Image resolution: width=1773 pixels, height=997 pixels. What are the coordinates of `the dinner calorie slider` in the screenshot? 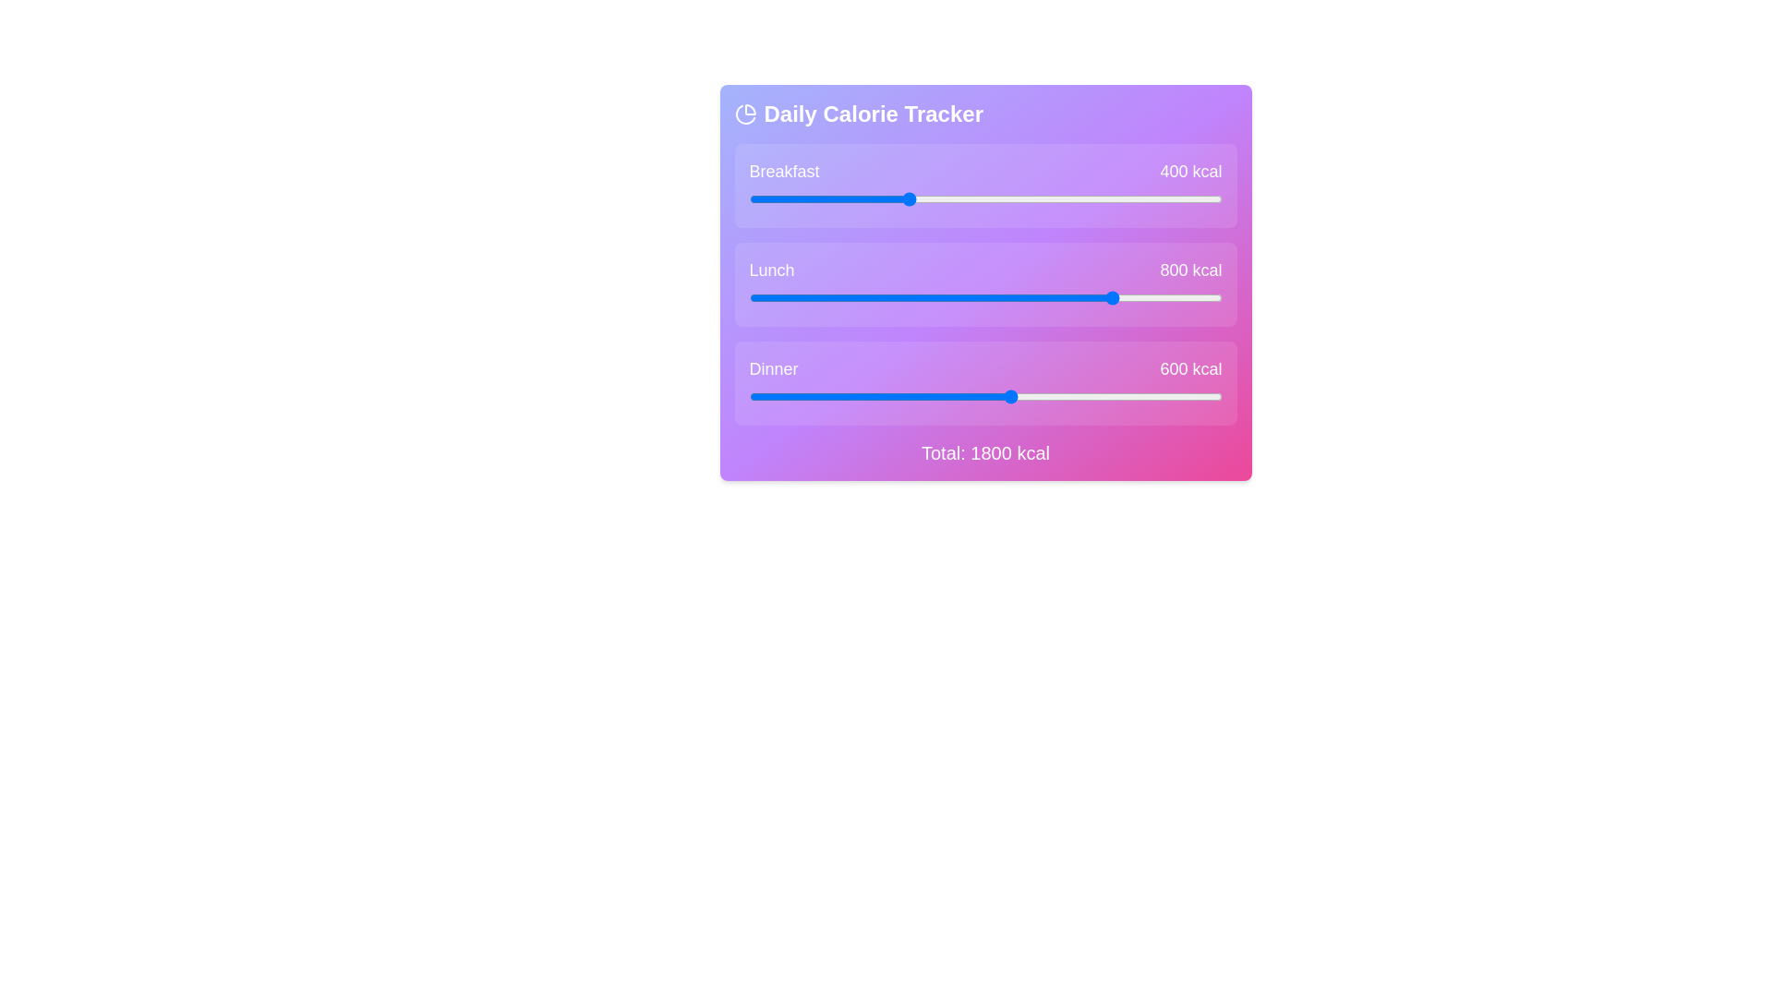 It's located at (1059, 395).